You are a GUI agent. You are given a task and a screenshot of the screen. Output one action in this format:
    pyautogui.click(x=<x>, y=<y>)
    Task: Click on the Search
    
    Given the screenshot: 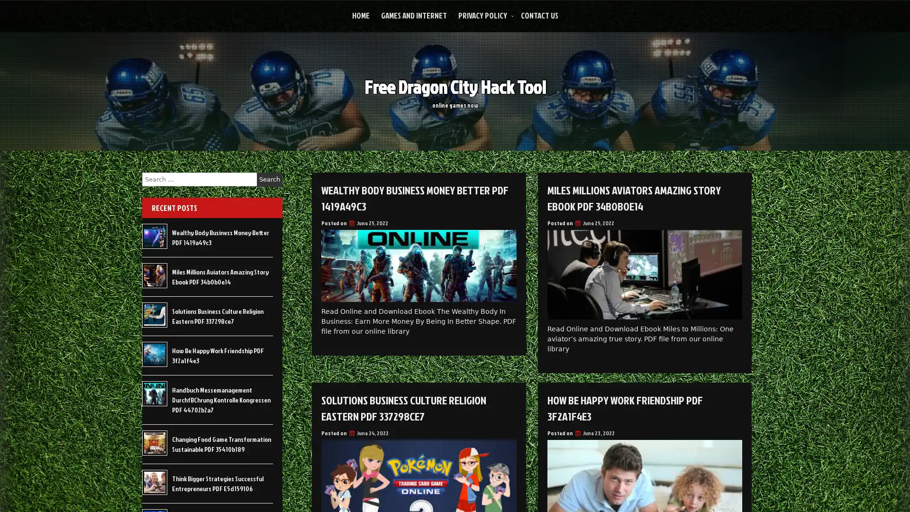 What is the action you would take?
    pyautogui.click(x=269, y=179)
    